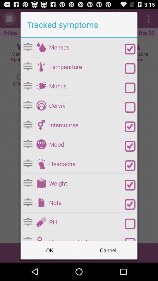  I want to click on select option, so click(130, 68).